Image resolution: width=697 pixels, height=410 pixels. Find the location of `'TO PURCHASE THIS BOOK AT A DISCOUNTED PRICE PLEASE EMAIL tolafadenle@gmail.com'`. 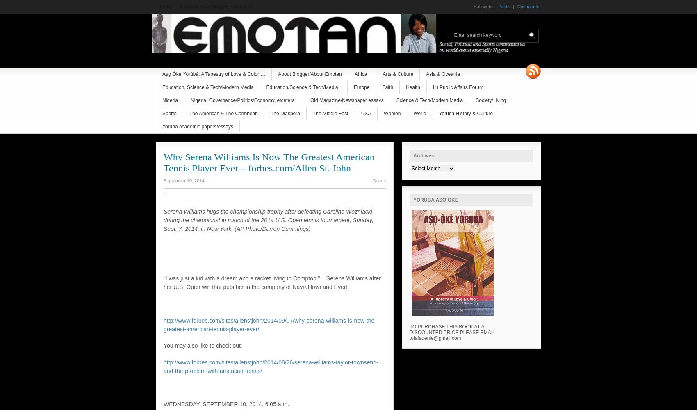

'TO PURCHASE THIS BOOK AT A DISCOUNTED PRICE PLEASE EMAIL tolafadenle@gmail.com' is located at coordinates (452, 333).